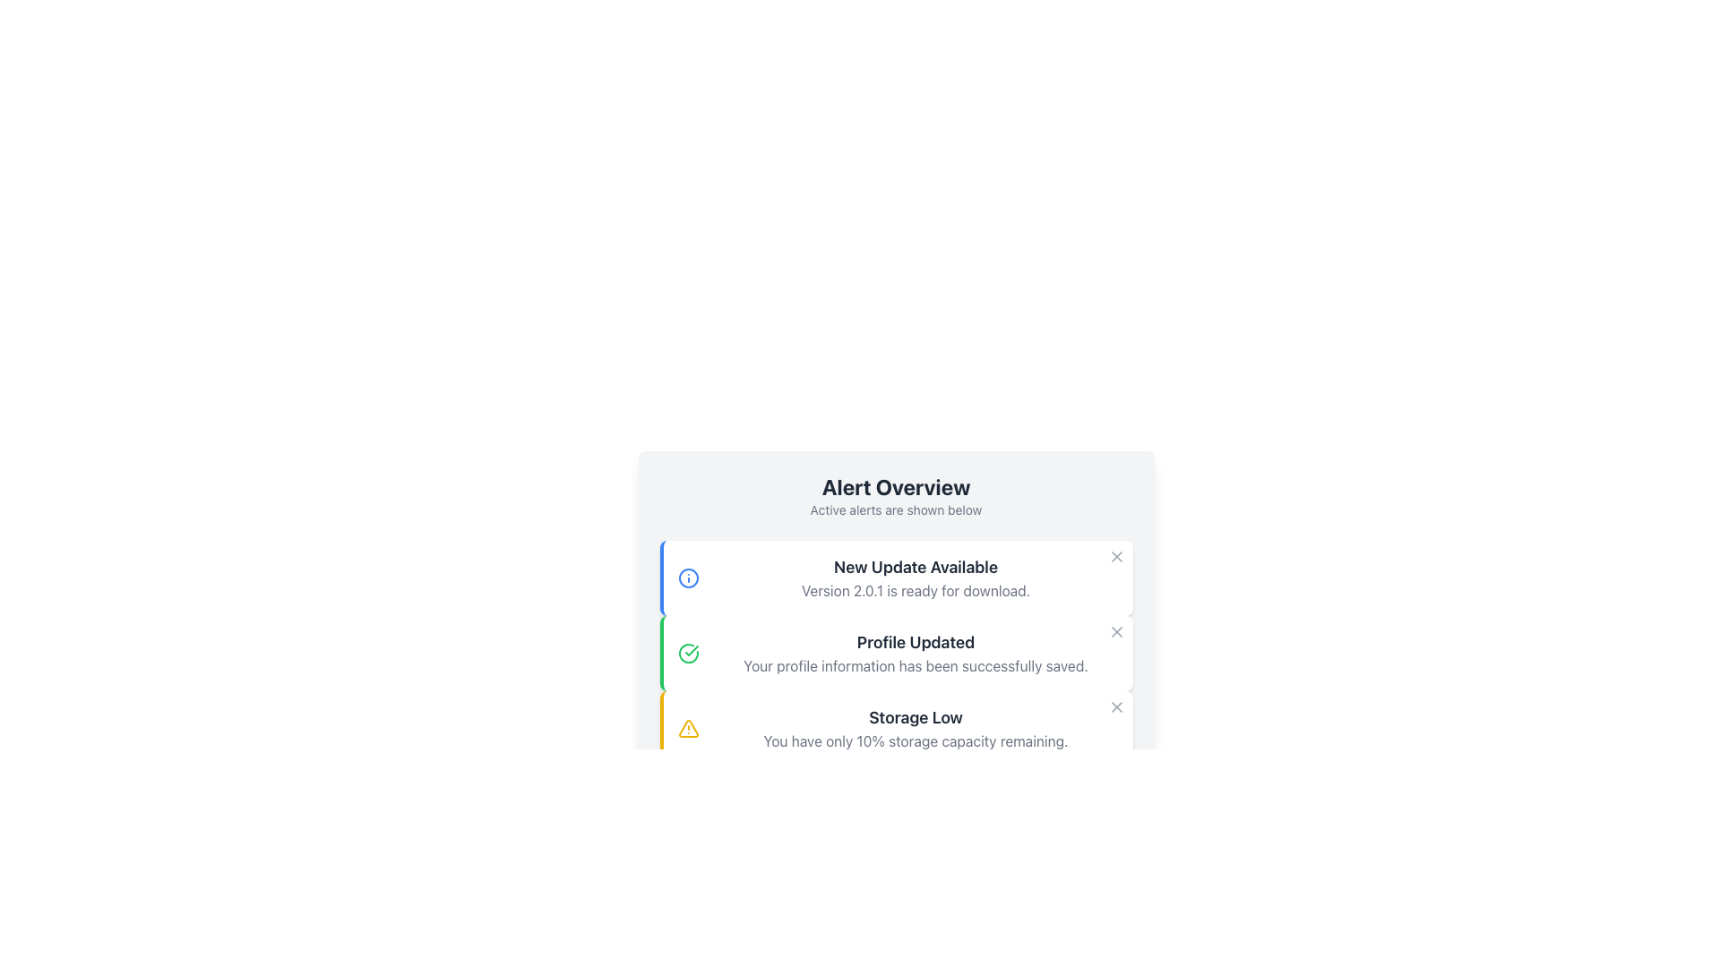 This screenshot has height=967, width=1720. I want to click on the dismissal button with an 'X' icon located in the top-right corner of the 'Profile Updated' notification card, so click(1115, 630).